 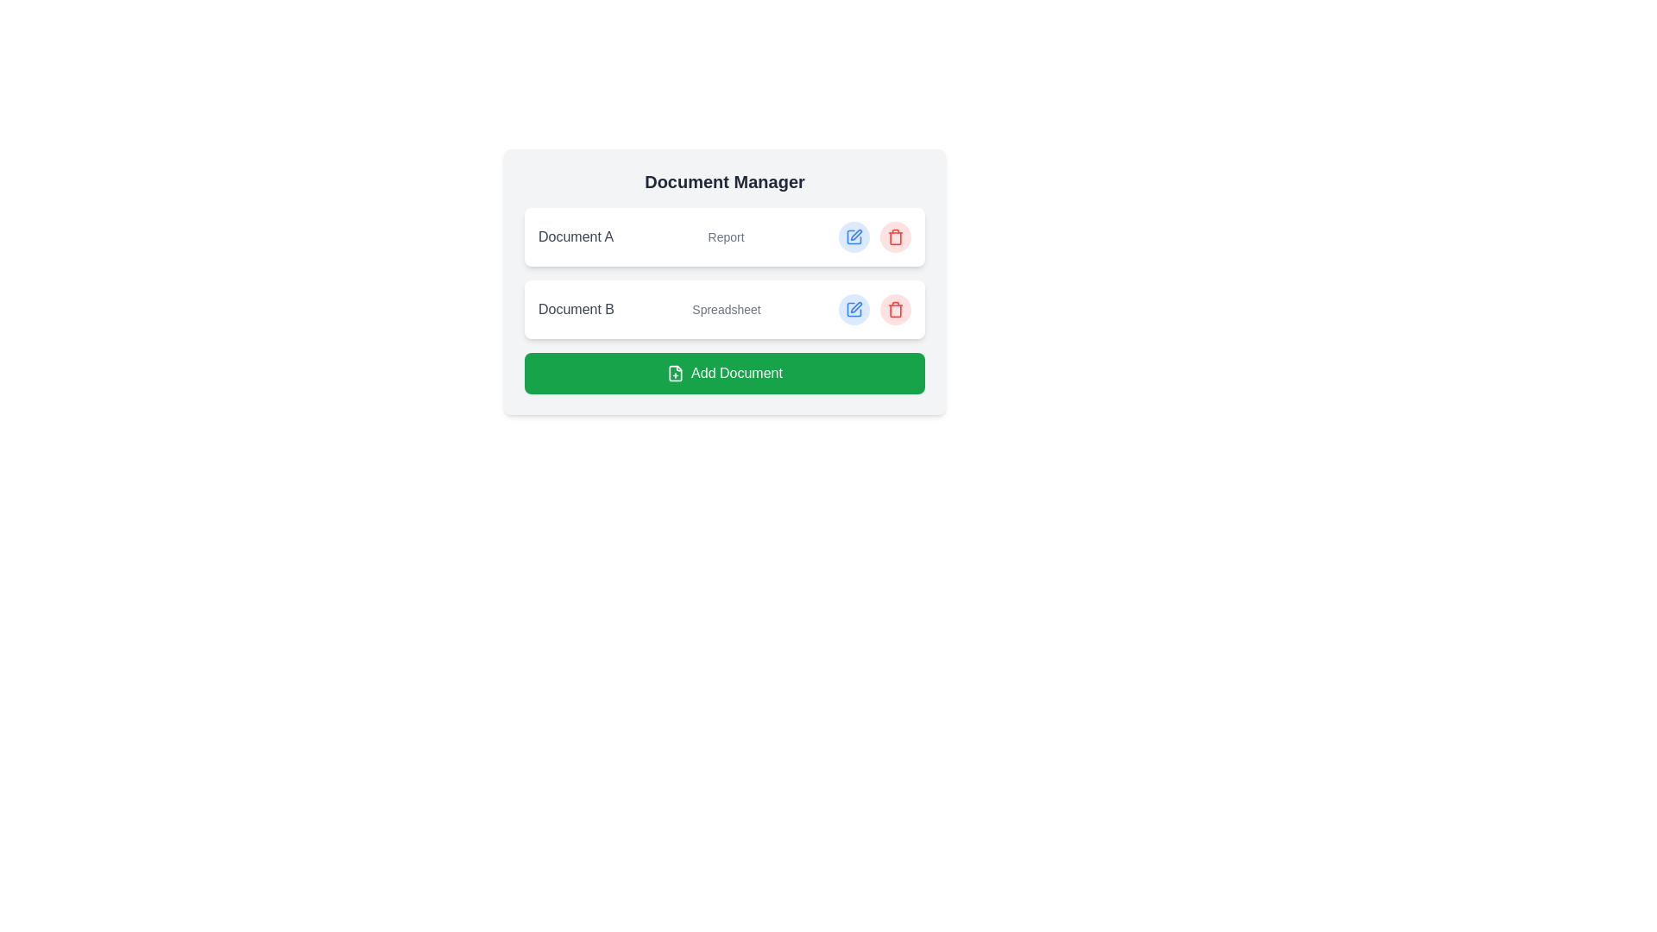 What do you see at coordinates (856, 306) in the screenshot?
I see `the edit icon button located next to 'Document B'` at bounding box center [856, 306].